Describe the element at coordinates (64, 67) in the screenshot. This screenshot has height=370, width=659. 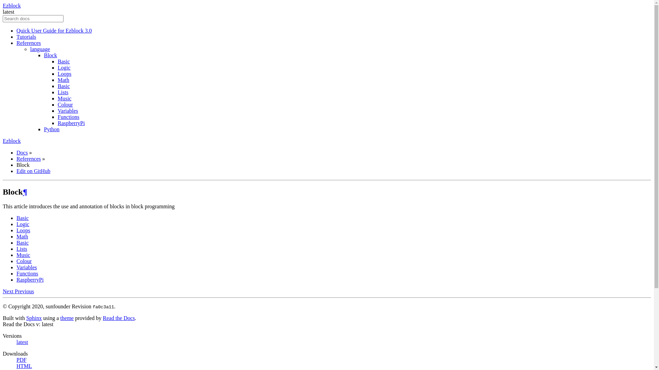
I see `'Logic'` at that location.